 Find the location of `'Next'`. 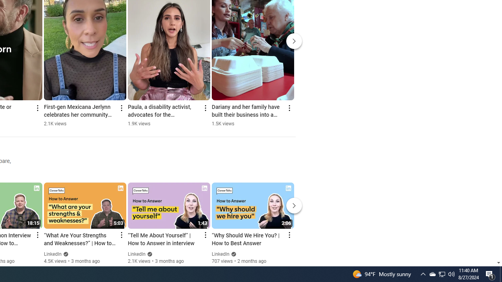

'Next' is located at coordinates (294, 205).